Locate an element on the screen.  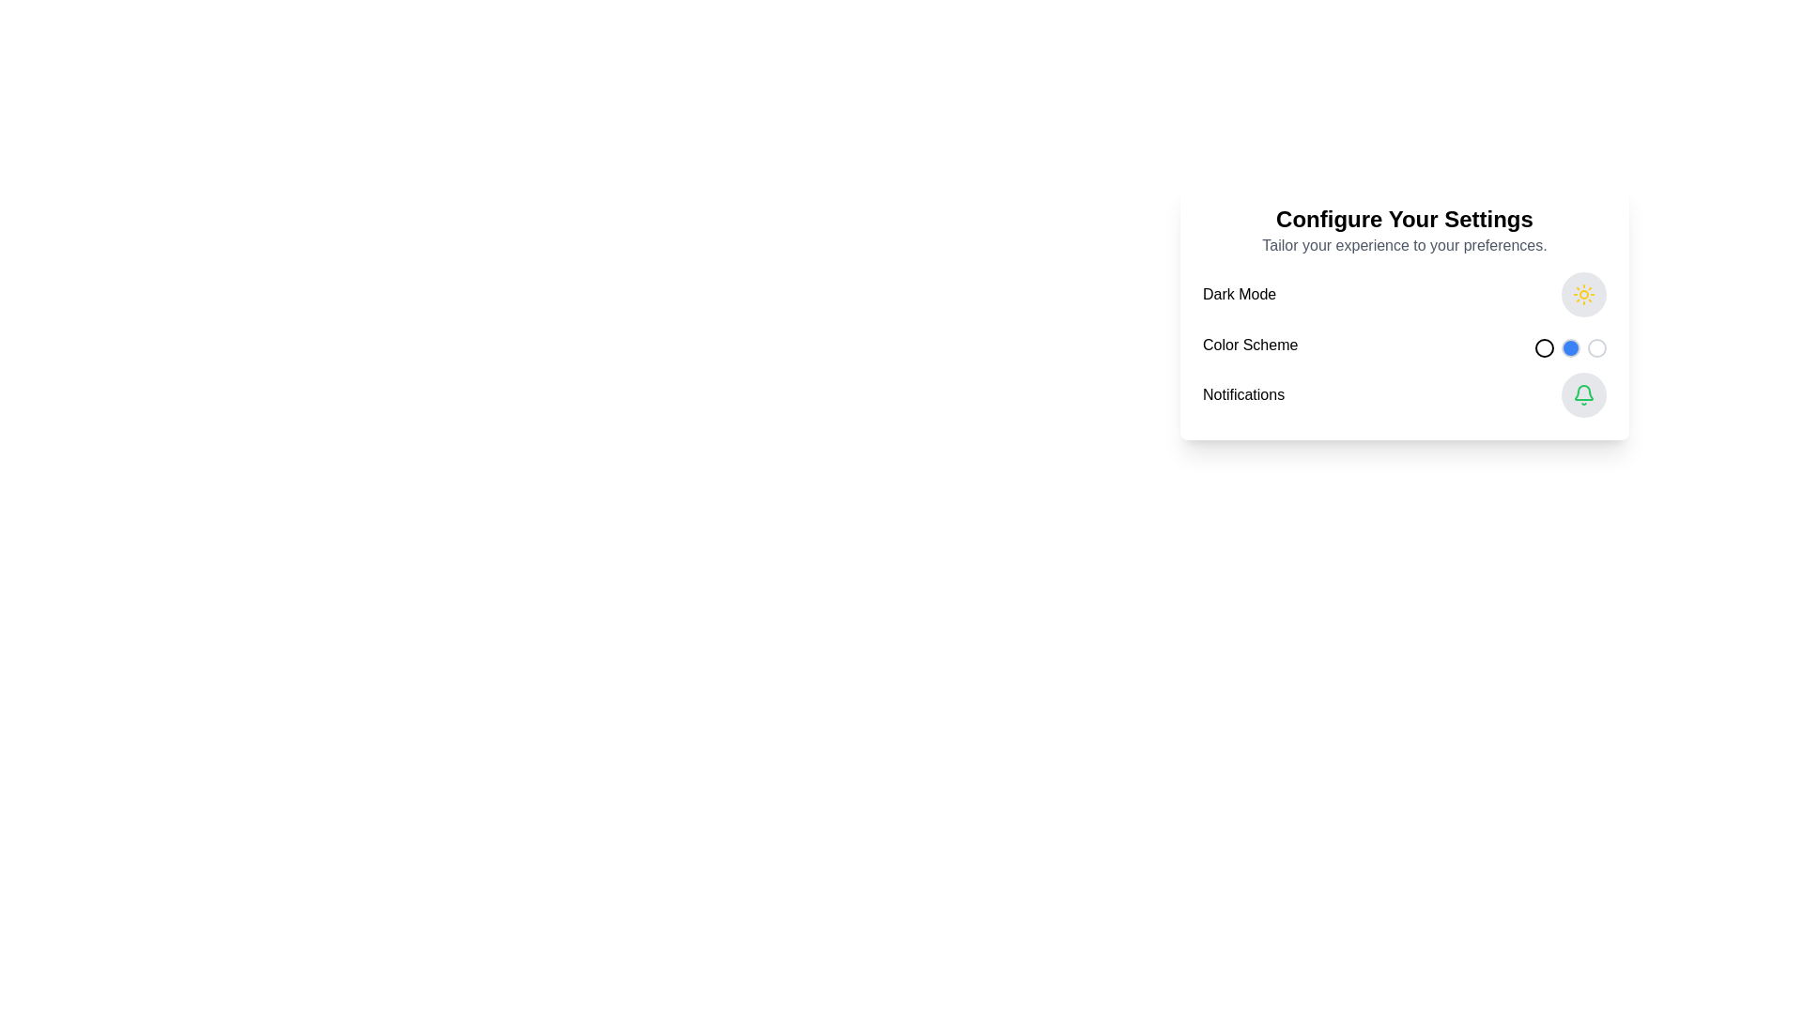
the non-interactive text label that categorizes the color scheme options, located to the left of the circular buttons and under the 'Dark Mode' label is located at coordinates (1250, 345).